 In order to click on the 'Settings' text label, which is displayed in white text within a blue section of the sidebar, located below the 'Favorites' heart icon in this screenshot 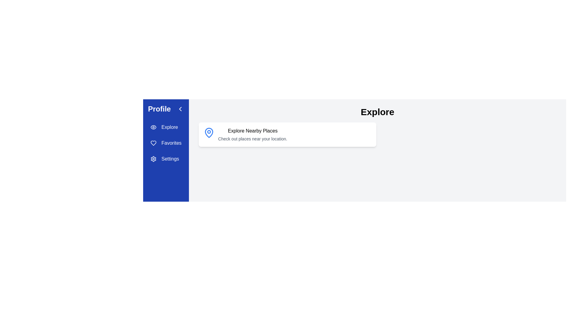, I will do `click(170, 158)`.